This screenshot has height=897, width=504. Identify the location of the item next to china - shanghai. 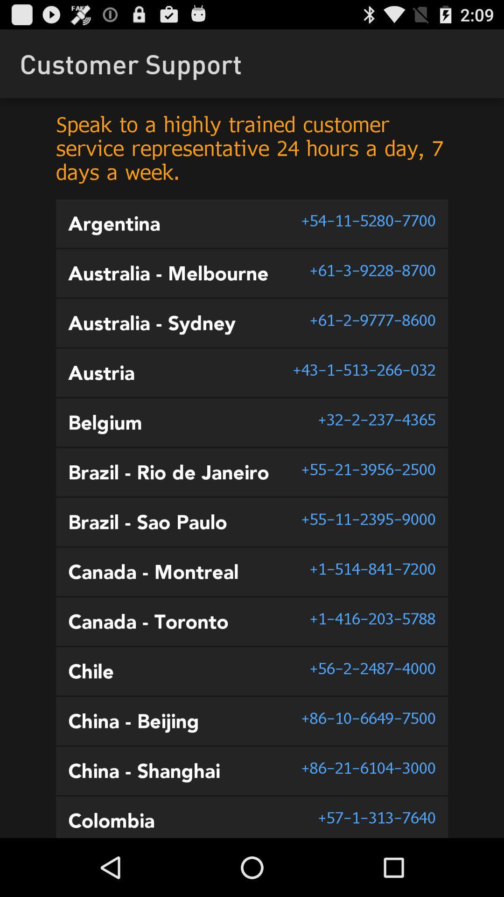
(368, 768).